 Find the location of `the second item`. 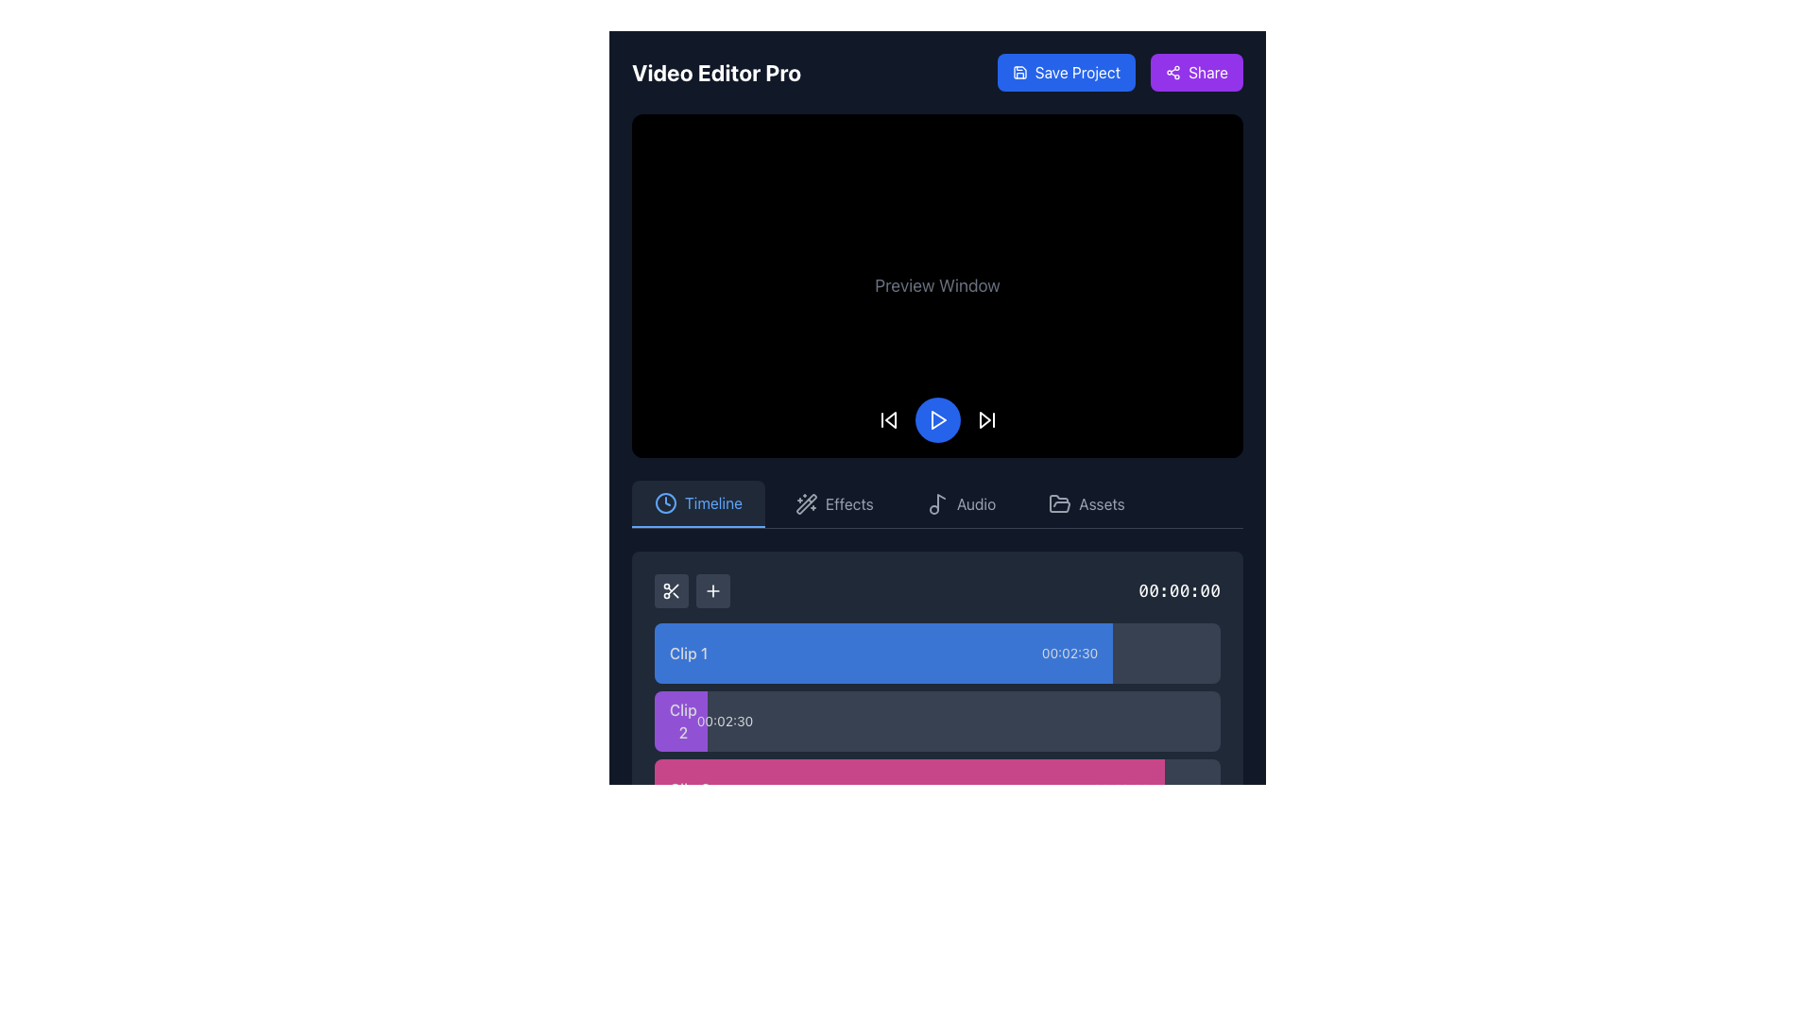

the second item is located at coordinates (937, 754).